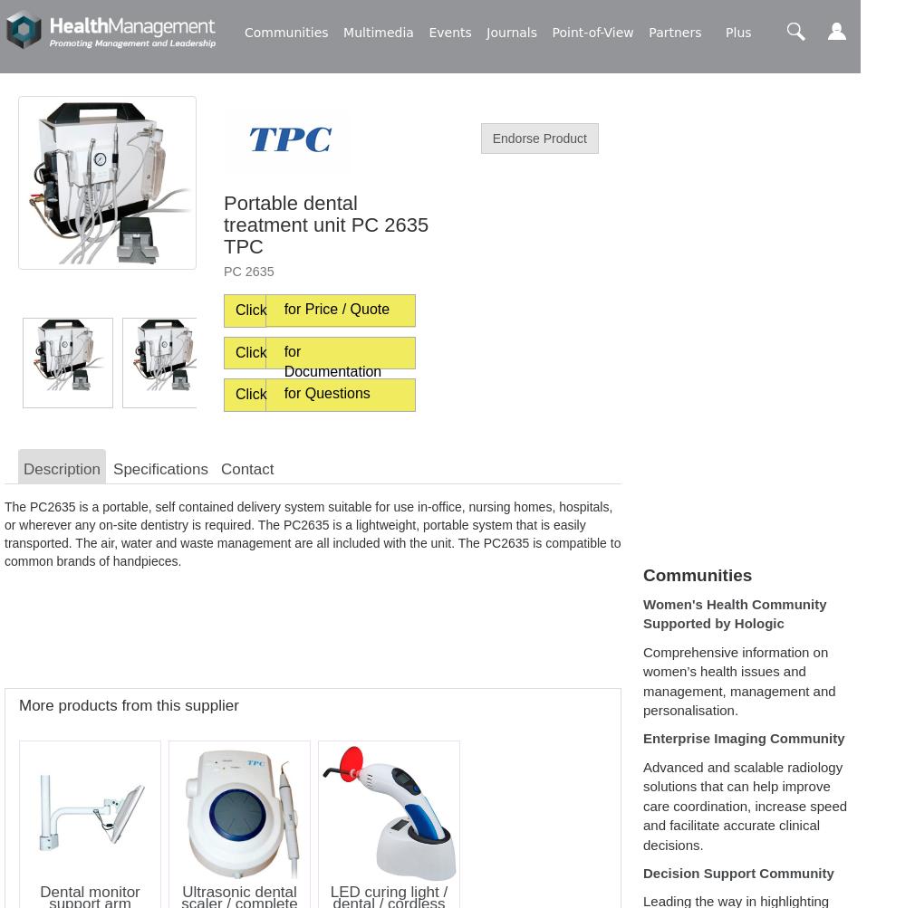 This screenshot has height=908, width=915. What do you see at coordinates (538, 137) in the screenshot?
I see `'Endorse Product'` at bounding box center [538, 137].